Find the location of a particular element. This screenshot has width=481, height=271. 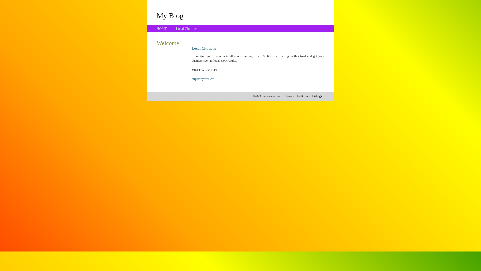

'https://bytrtes.cf/' is located at coordinates (203, 79).